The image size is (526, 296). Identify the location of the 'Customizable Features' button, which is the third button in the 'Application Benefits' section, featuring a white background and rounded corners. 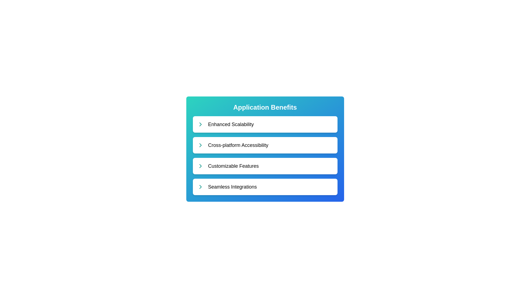
(265, 166).